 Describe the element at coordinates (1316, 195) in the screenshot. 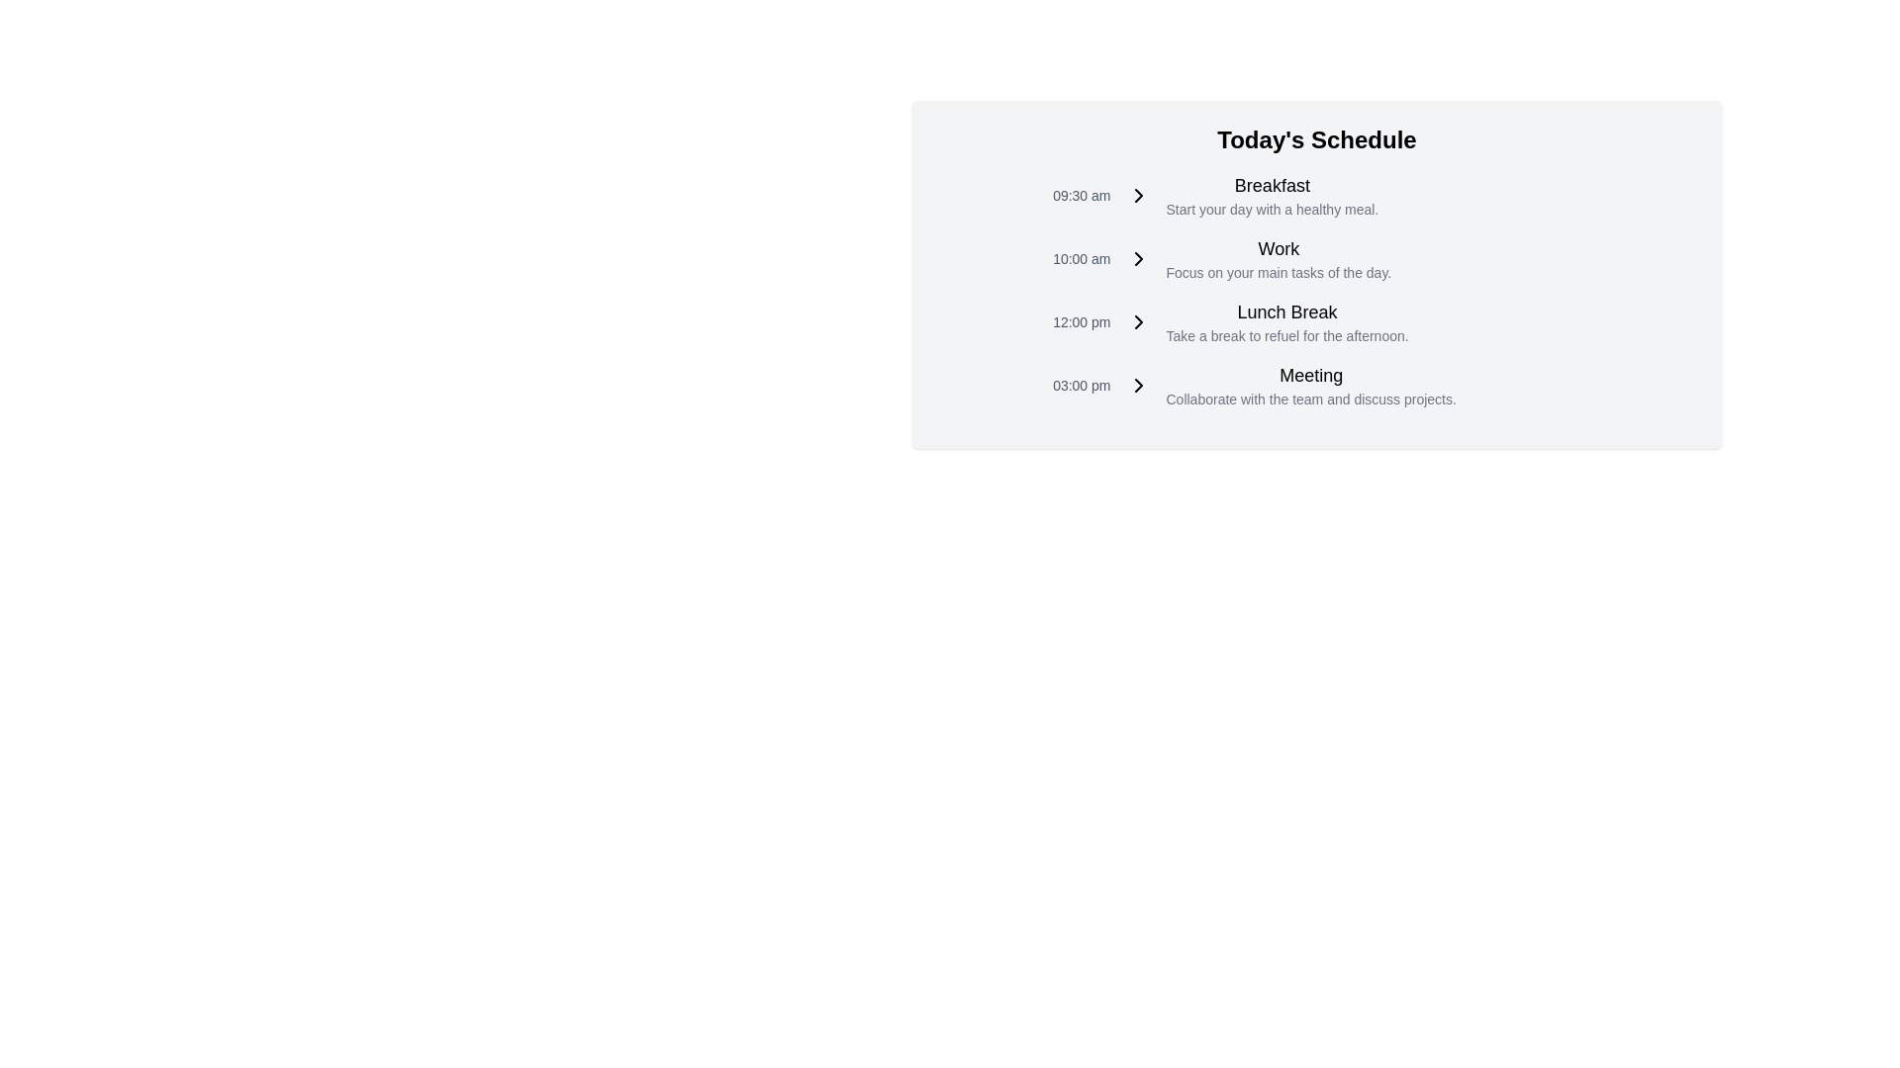

I see `the first Schedule List Entry in the 'Today's Schedule' section, which displays the time '09:30 am', an arrow icon, and the title 'Breakfast'` at that location.